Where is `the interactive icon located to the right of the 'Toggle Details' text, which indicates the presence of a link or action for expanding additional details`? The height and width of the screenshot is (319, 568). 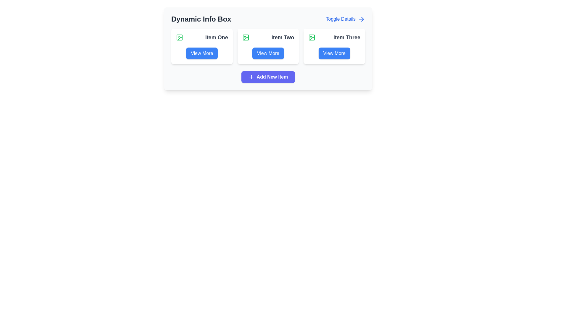 the interactive icon located to the right of the 'Toggle Details' text, which indicates the presence of a link or action for expanding additional details is located at coordinates (361, 19).